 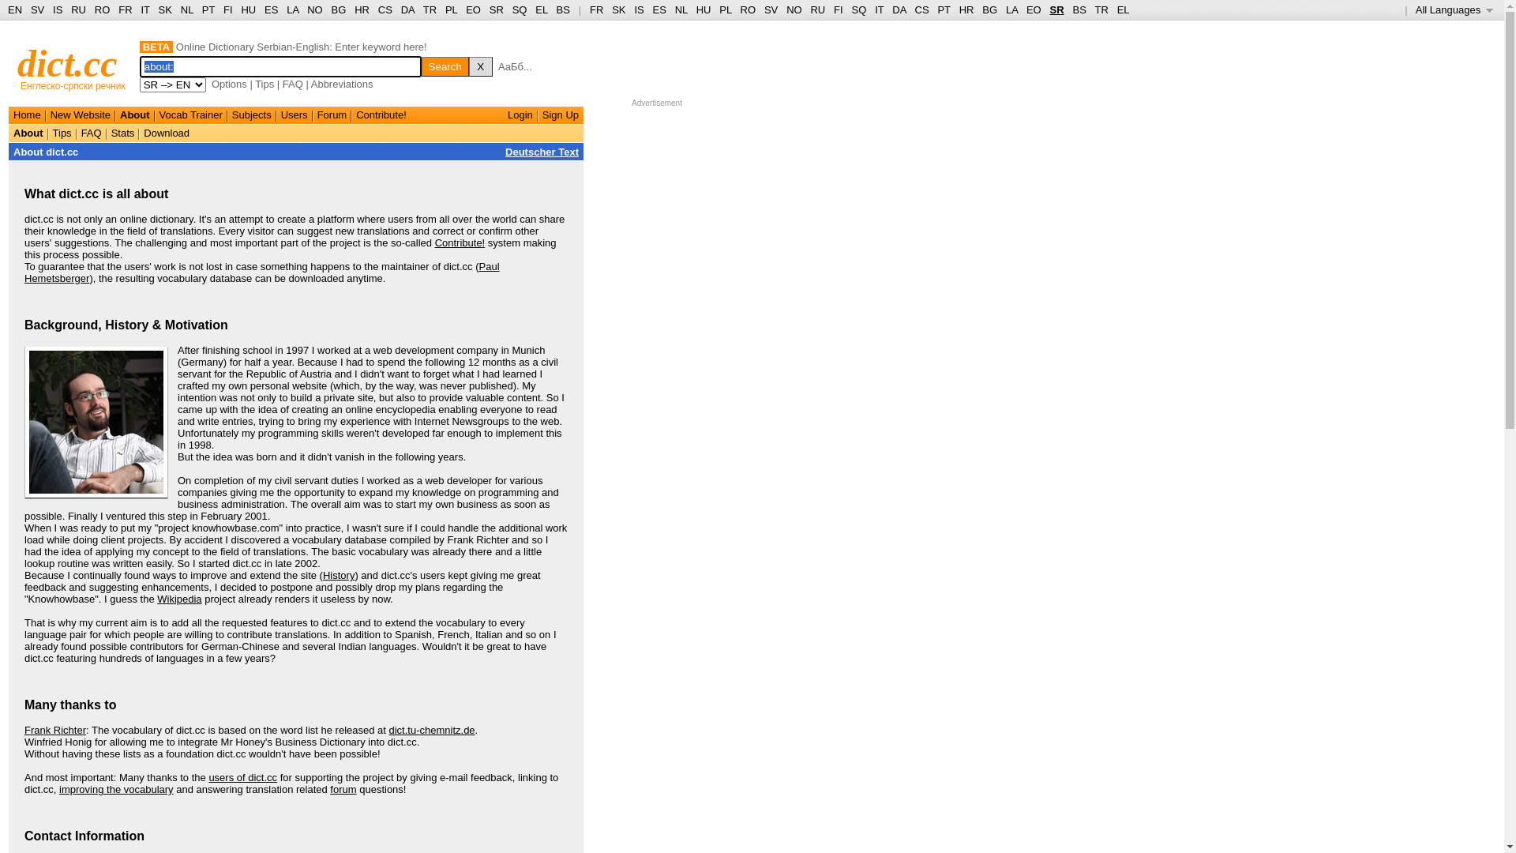 I want to click on 'Abbreviations', so click(x=341, y=84).